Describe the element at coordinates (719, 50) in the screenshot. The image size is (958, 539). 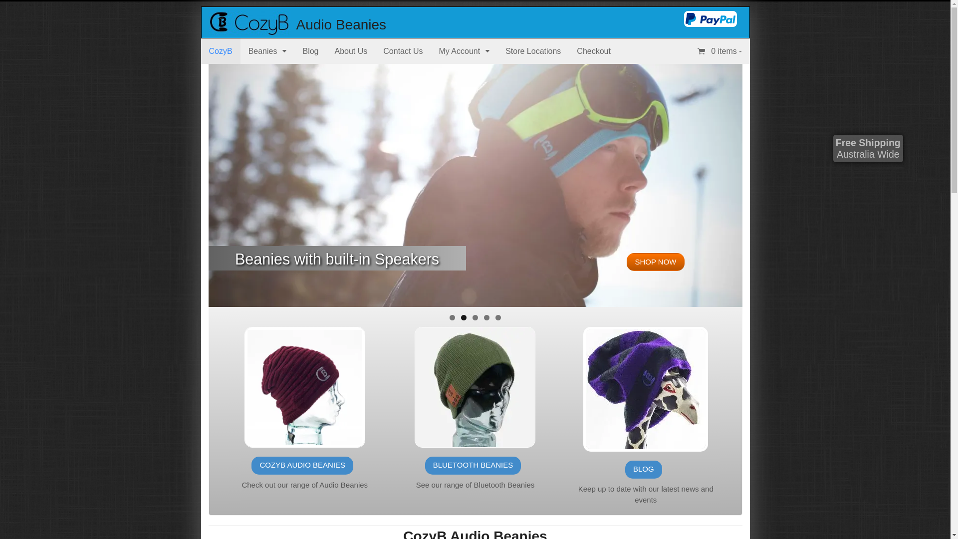
I see `'0 items -'` at that location.